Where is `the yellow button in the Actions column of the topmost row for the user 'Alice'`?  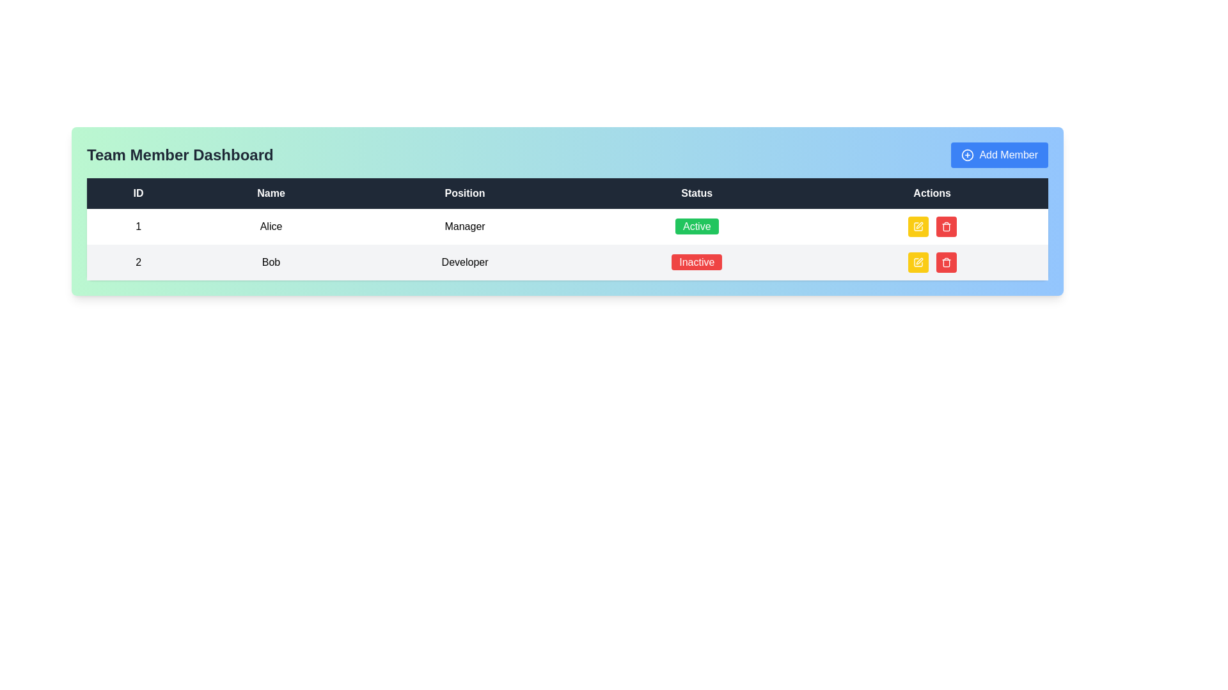
the yellow button in the Actions column of the topmost row for the user 'Alice' is located at coordinates (932, 226).